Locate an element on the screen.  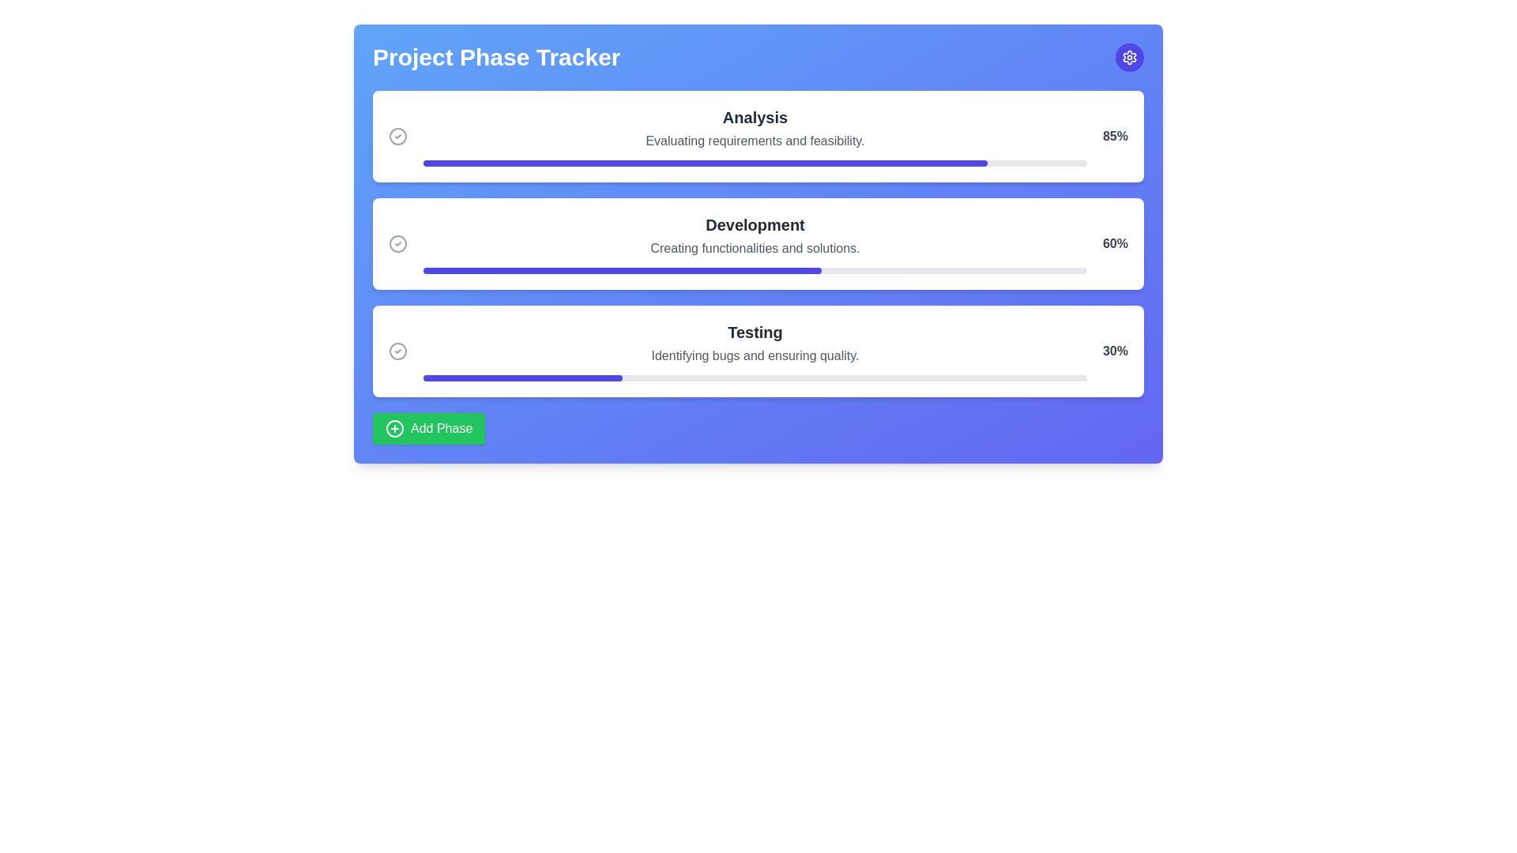
the progress of the horizontal progress bar indicating 85% completion of the 'Analysis' phase, located under the 'Analysis' section of the progress tracker interface is located at coordinates (754, 163).